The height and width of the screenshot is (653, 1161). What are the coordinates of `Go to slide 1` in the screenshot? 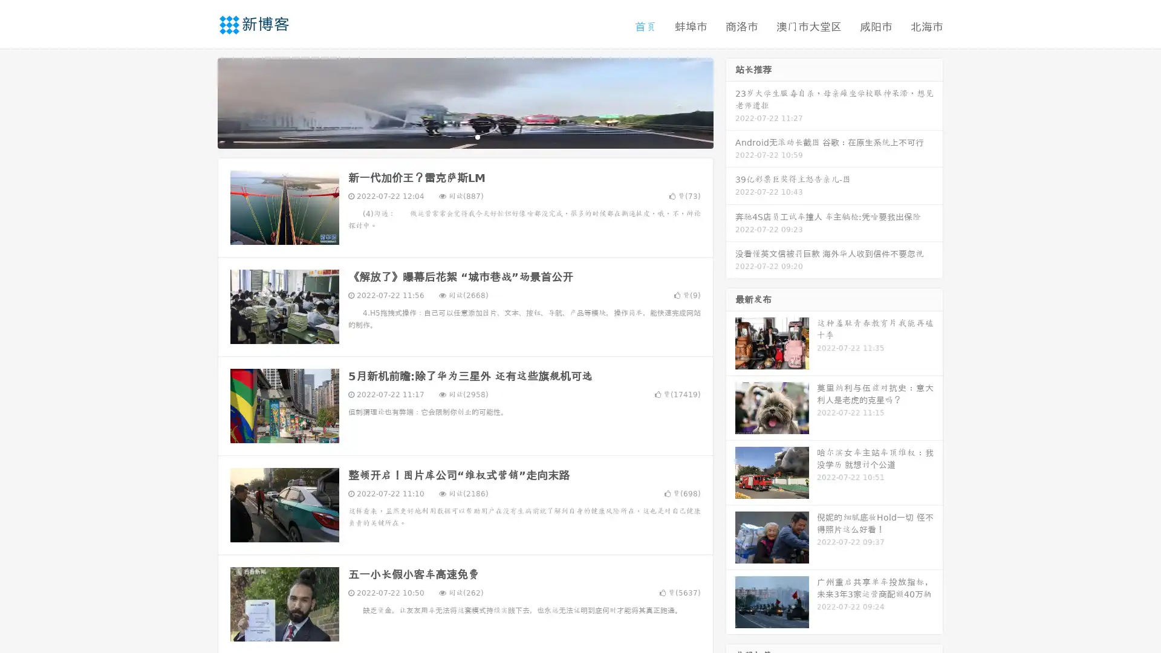 It's located at (452, 136).